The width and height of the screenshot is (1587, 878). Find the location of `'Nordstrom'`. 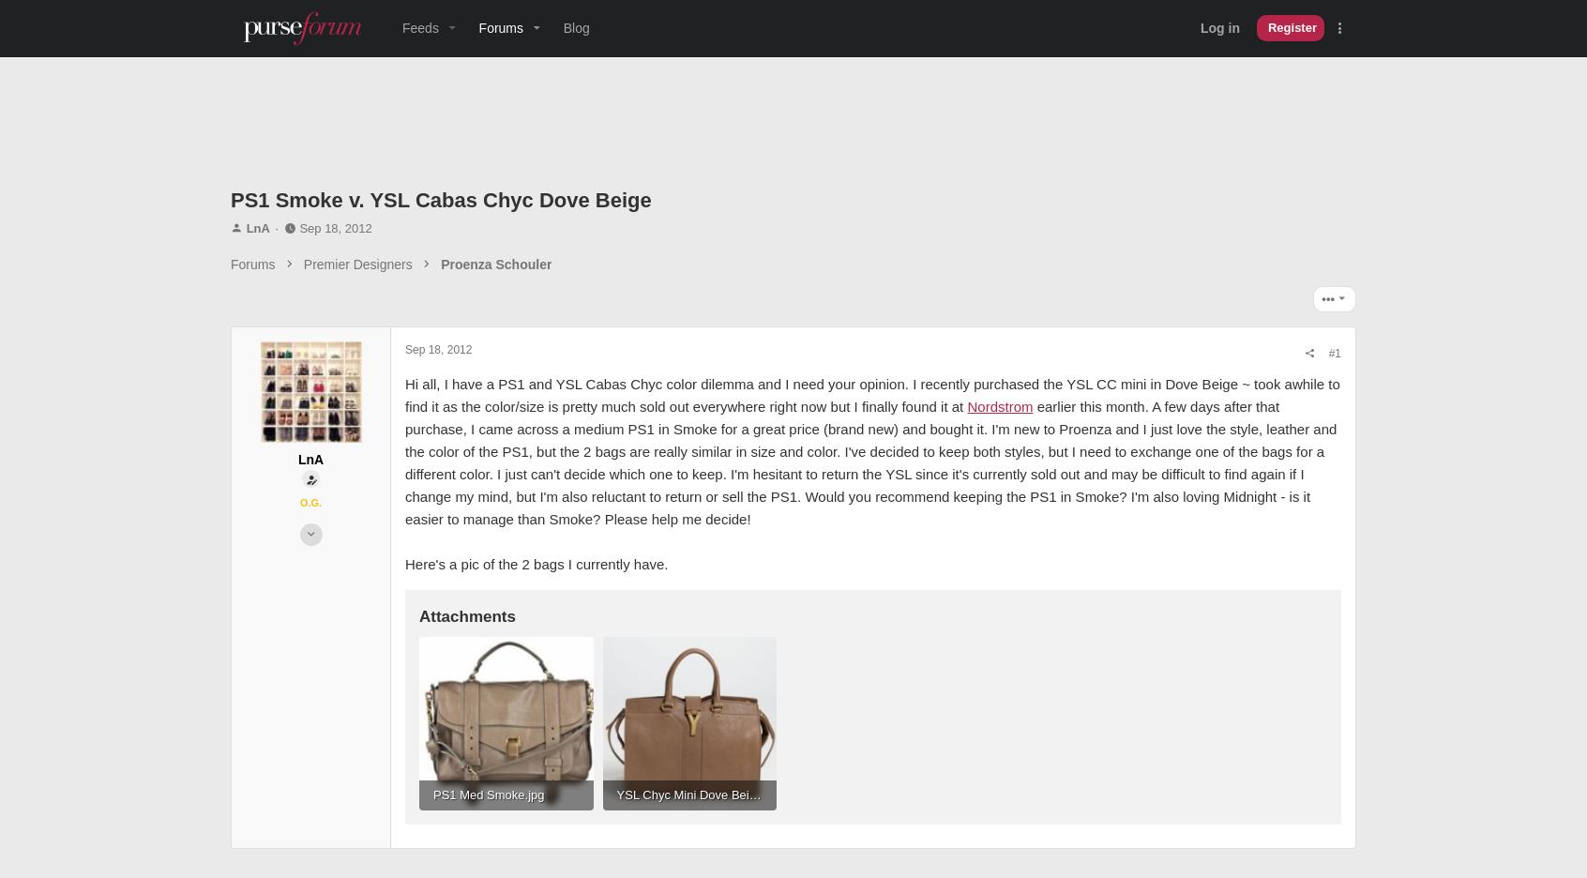

'Nordstrom' is located at coordinates (678, 428).